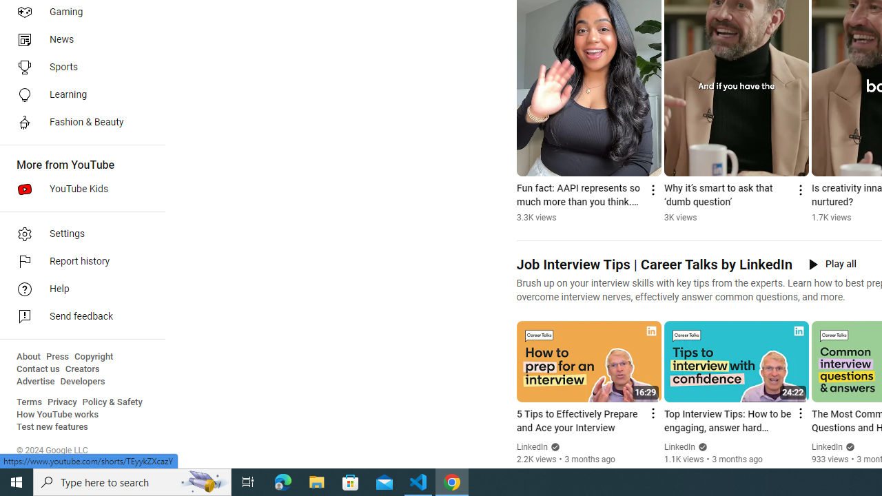 This screenshot has height=496, width=882. I want to click on 'Advertise', so click(35, 382).